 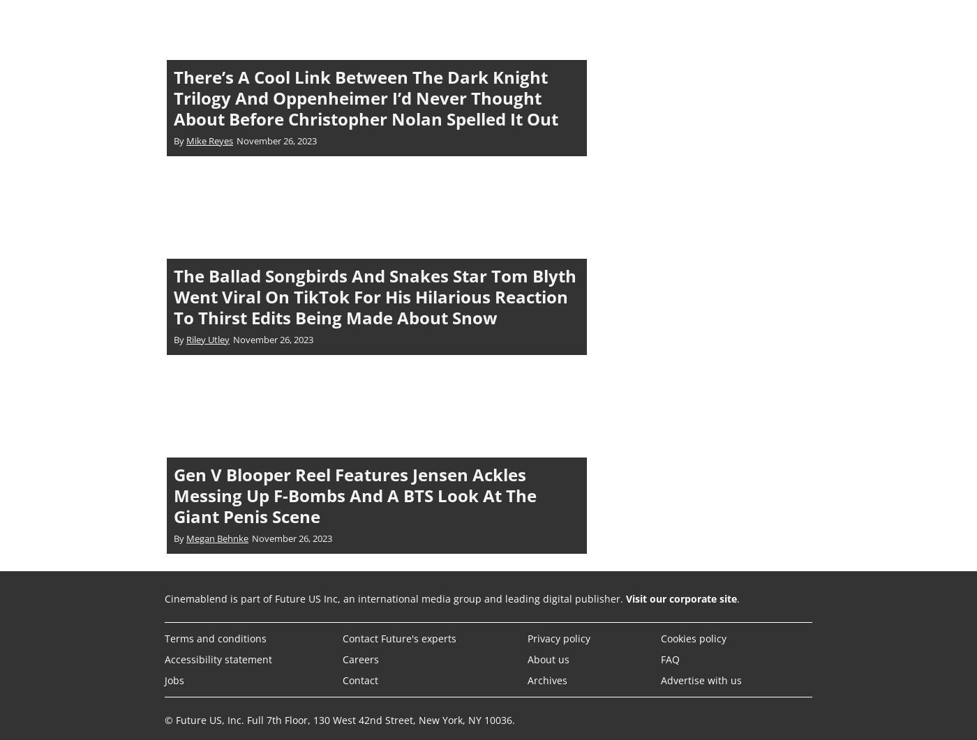 I want to click on 'Advertise with us', so click(x=659, y=679).